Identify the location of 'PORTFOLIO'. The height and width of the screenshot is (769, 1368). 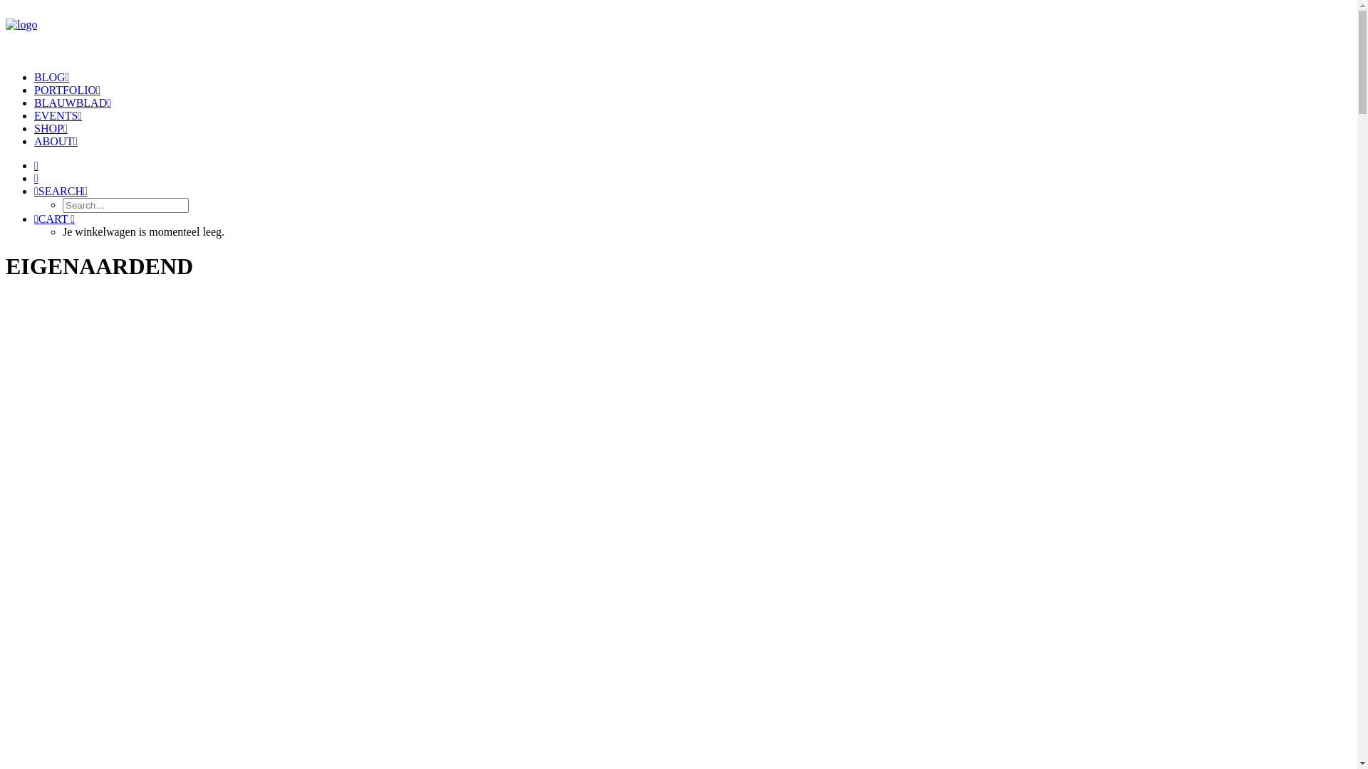
(66, 90).